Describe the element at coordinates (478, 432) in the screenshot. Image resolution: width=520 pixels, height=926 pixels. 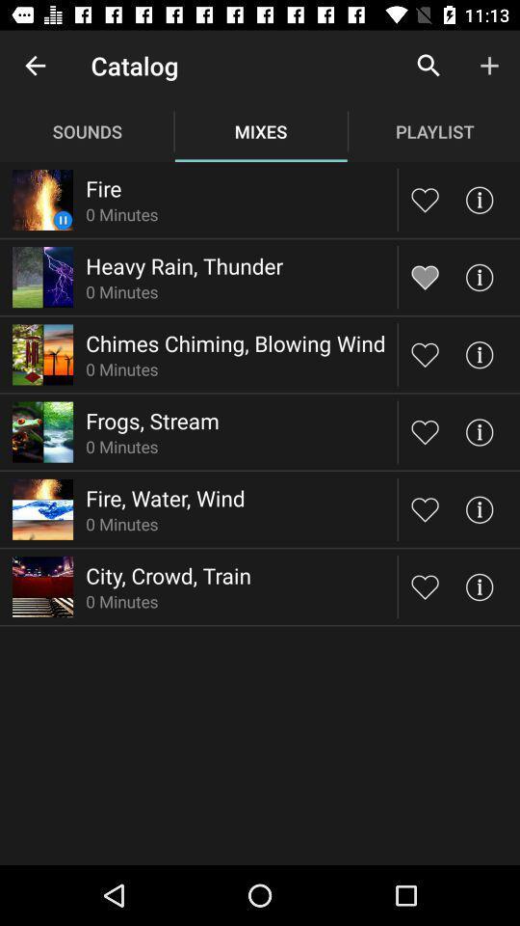
I see `find info` at that location.